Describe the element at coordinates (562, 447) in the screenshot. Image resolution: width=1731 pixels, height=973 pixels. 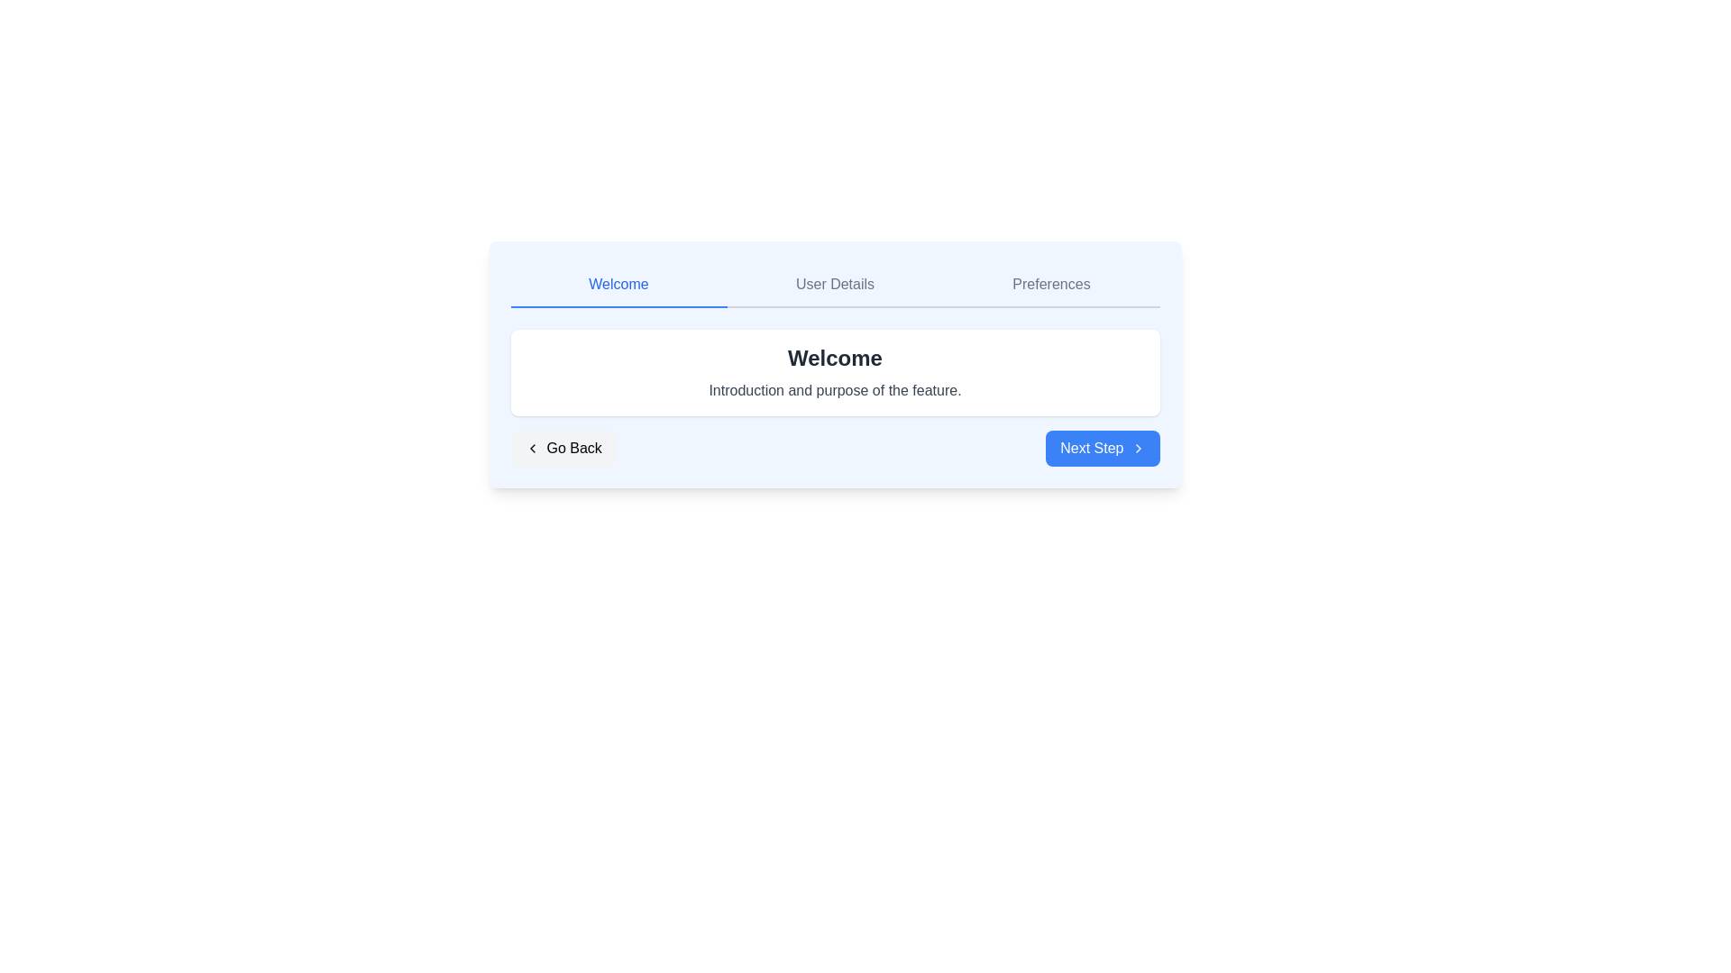
I see `the button located to the left of the 'Next Step' button` at that location.